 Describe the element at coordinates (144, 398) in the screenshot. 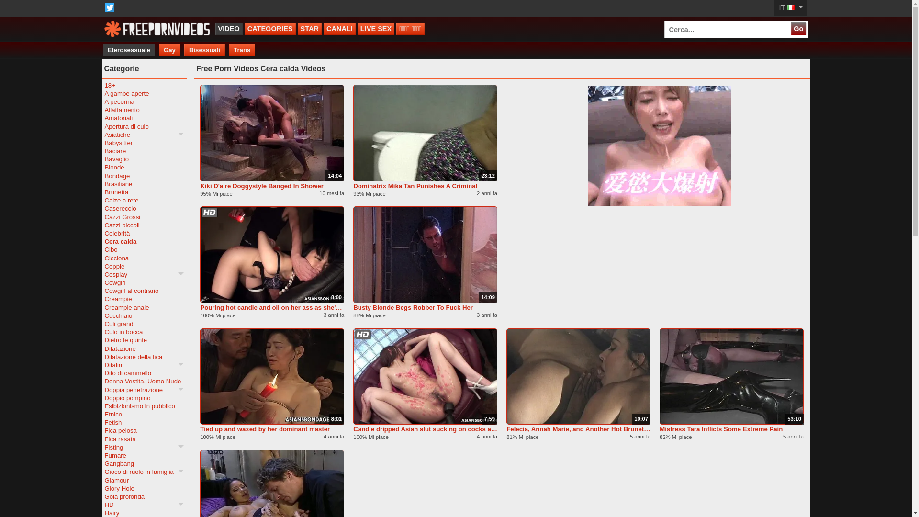

I see `'Doppio pompino'` at that location.